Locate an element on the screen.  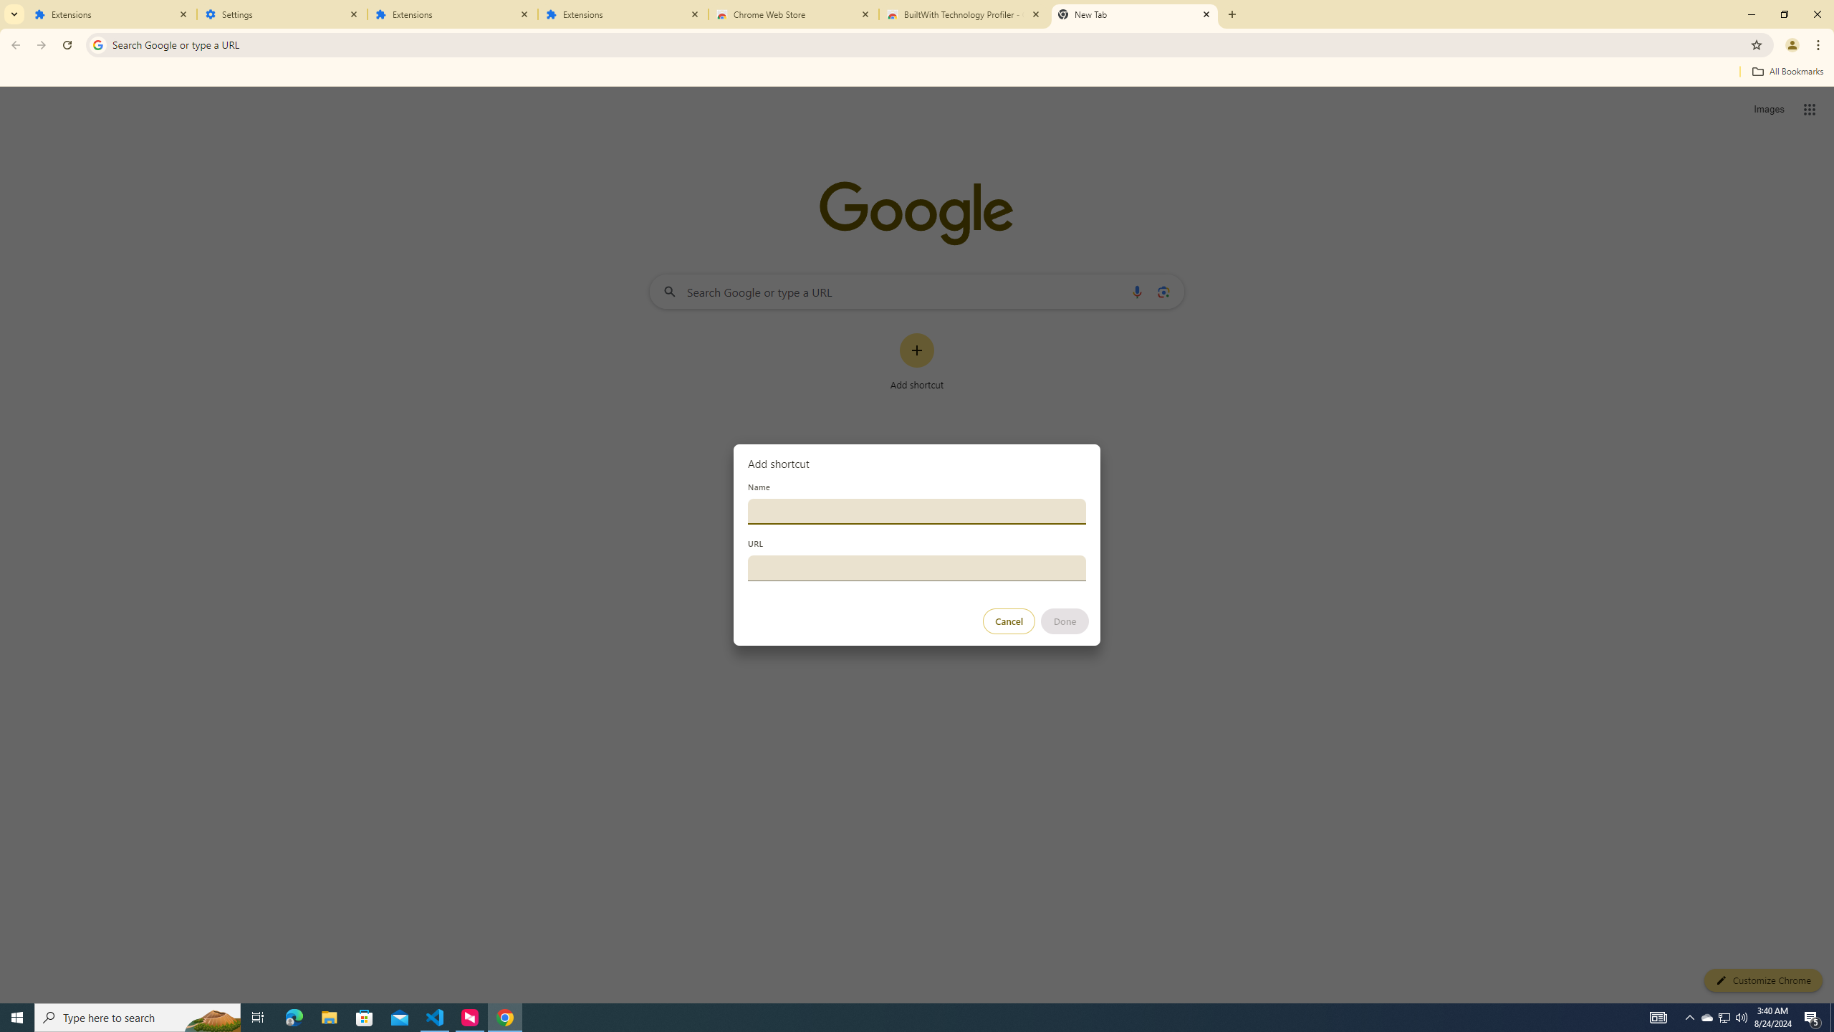
'New Tab' is located at coordinates (1134, 14).